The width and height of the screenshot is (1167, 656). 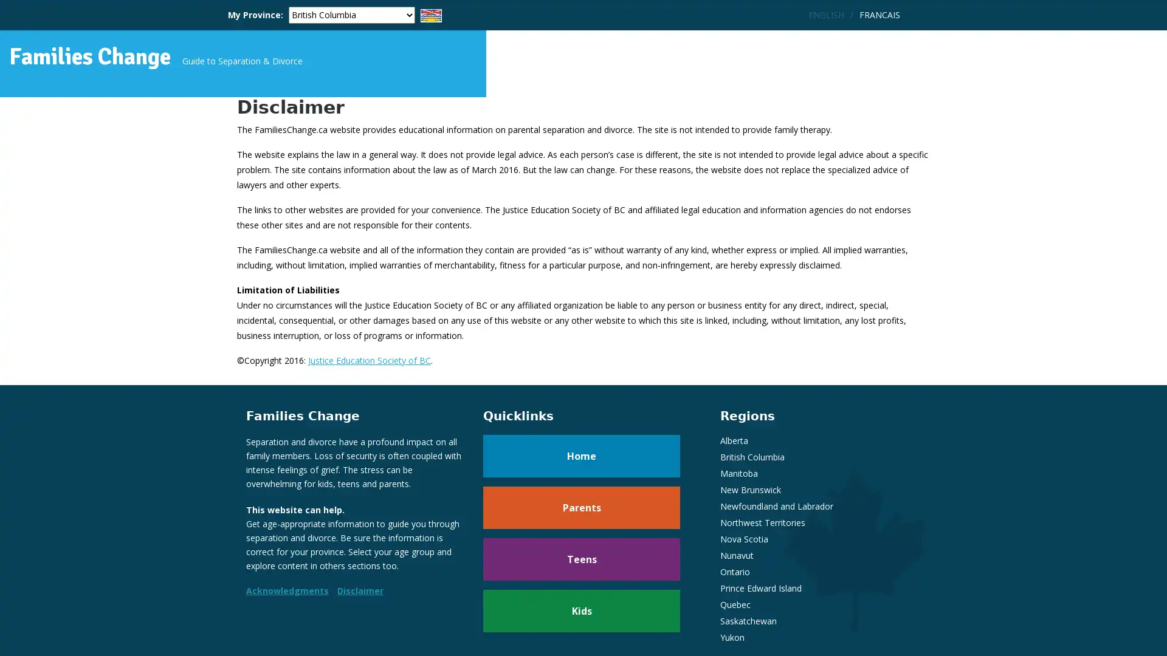 I want to click on Teens, so click(x=580, y=572).